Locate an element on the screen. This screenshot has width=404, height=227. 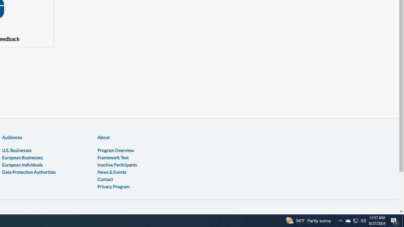
'Framework Text' is located at coordinates (113, 157).